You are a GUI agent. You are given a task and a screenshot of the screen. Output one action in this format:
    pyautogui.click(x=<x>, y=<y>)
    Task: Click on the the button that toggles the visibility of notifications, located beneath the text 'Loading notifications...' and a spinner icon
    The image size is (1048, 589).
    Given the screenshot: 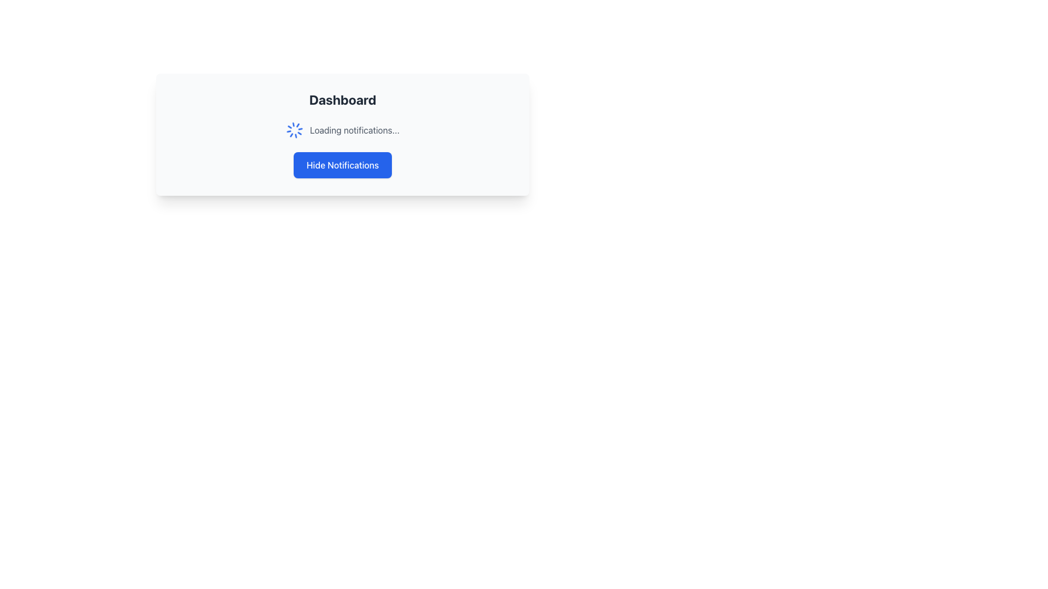 What is the action you would take?
    pyautogui.click(x=342, y=165)
    